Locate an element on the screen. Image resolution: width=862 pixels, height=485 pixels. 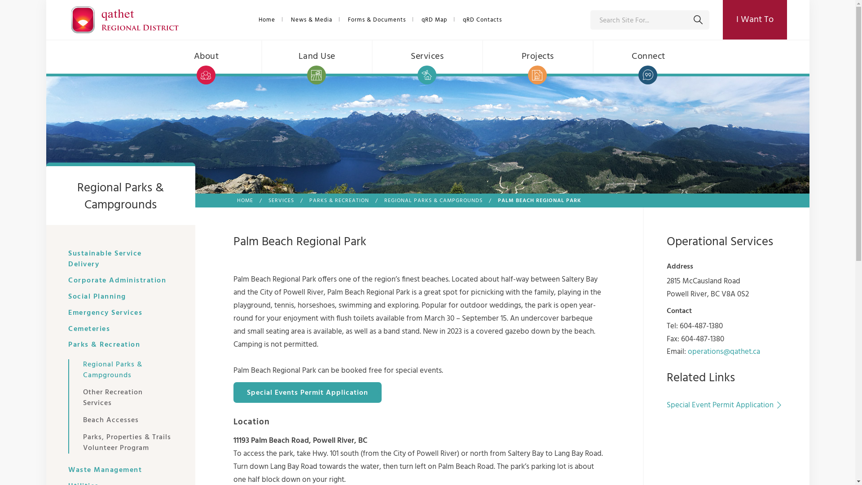
'Special Events Permit Application' is located at coordinates (308, 392).